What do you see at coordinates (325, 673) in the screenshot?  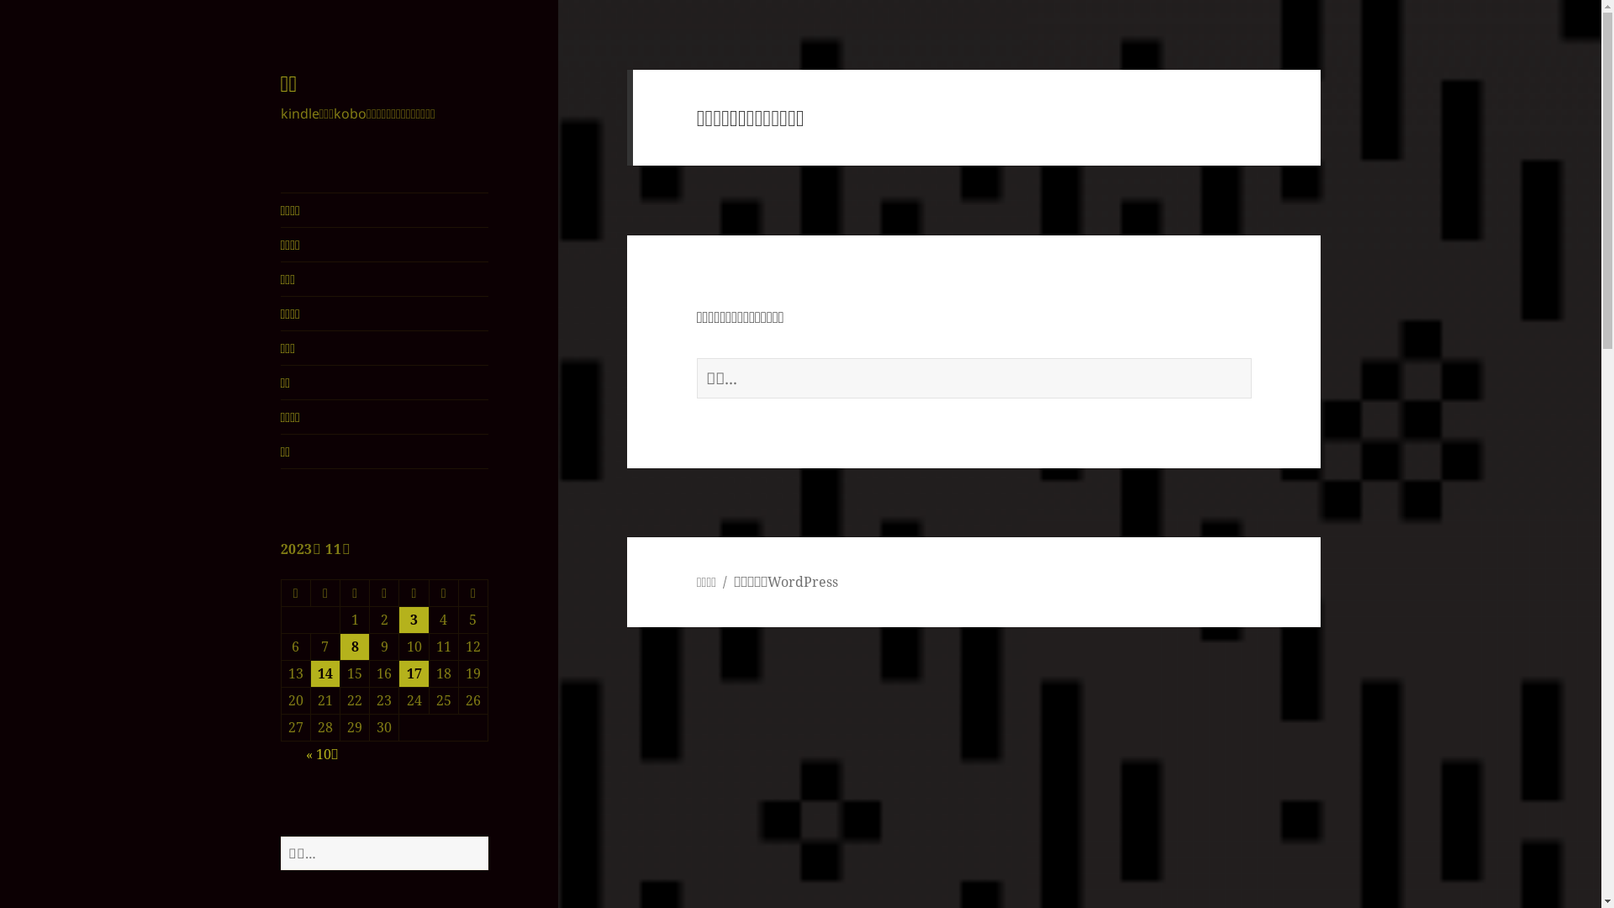 I see `'14'` at bounding box center [325, 673].